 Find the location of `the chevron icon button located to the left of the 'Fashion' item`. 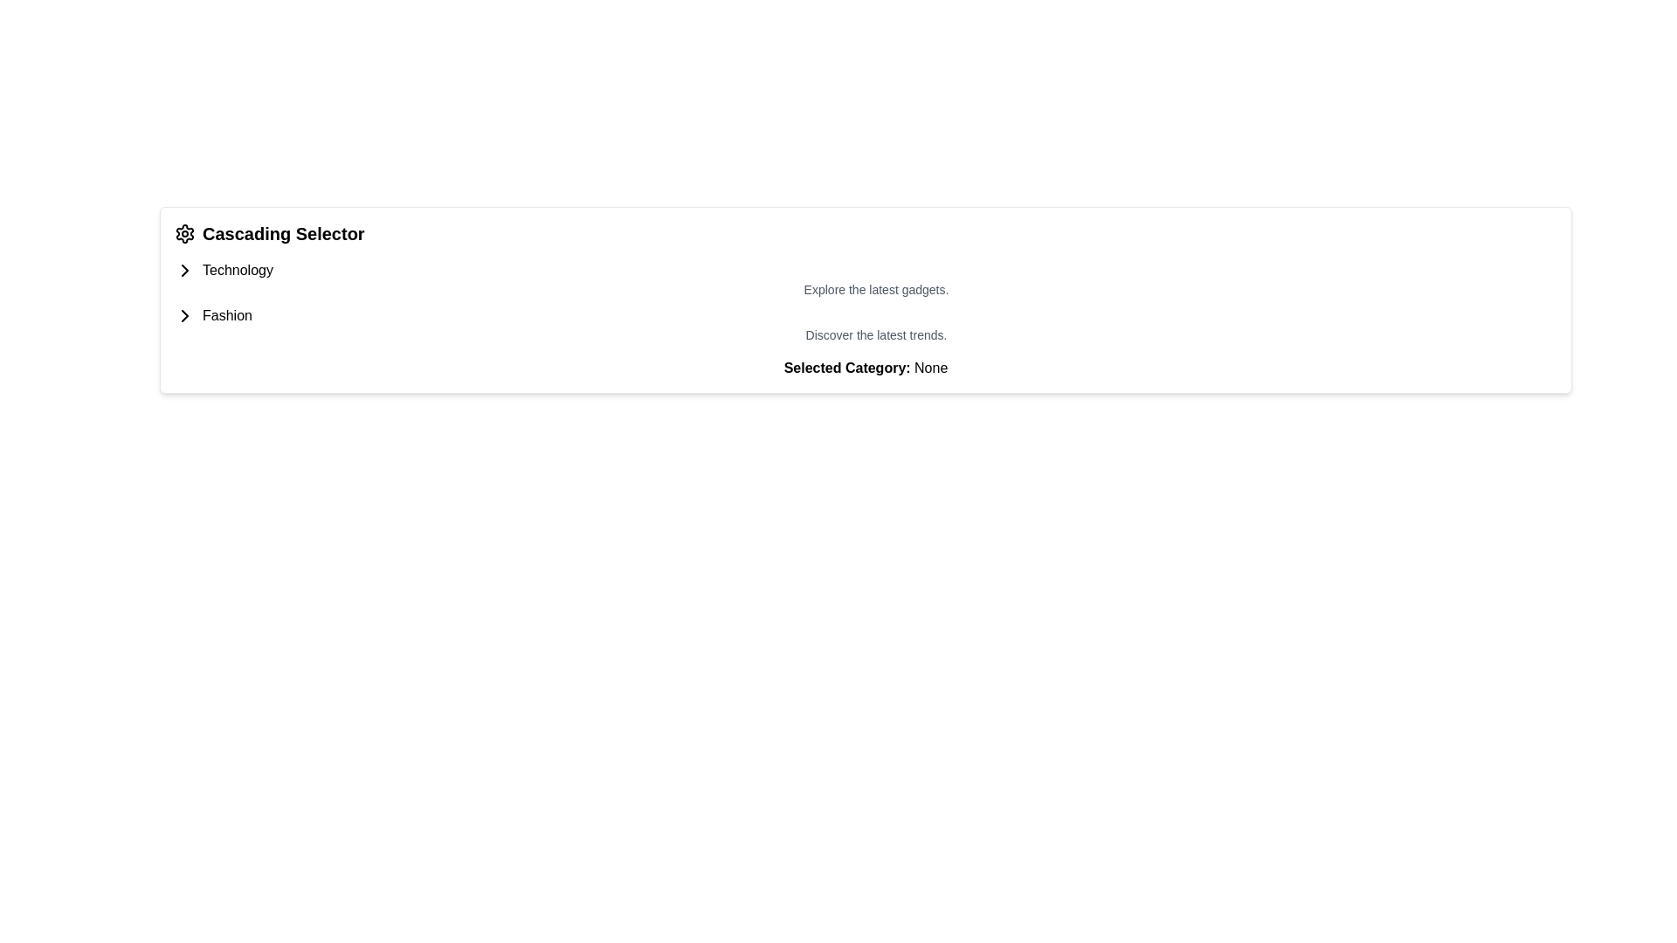

the chevron icon button located to the left of the 'Fashion' item is located at coordinates (184, 316).